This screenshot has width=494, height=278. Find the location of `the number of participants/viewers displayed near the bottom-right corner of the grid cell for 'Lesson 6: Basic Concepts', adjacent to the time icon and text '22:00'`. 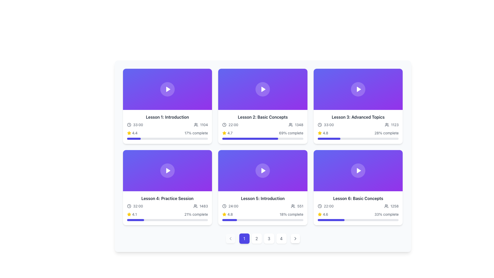

the number of participants/viewers displayed near the bottom-right corner of the grid cell for 'Lesson 6: Basic Concepts', adjacent to the time icon and text '22:00' is located at coordinates (391, 206).